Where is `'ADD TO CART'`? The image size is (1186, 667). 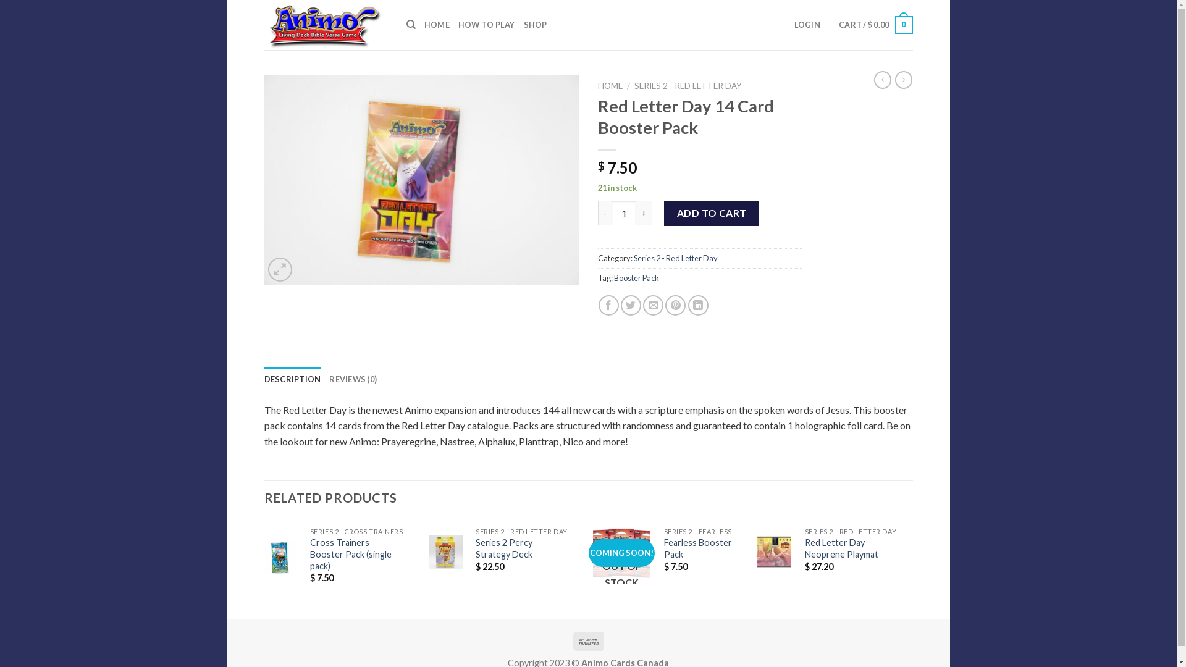
'ADD TO CART' is located at coordinates (712, 212).